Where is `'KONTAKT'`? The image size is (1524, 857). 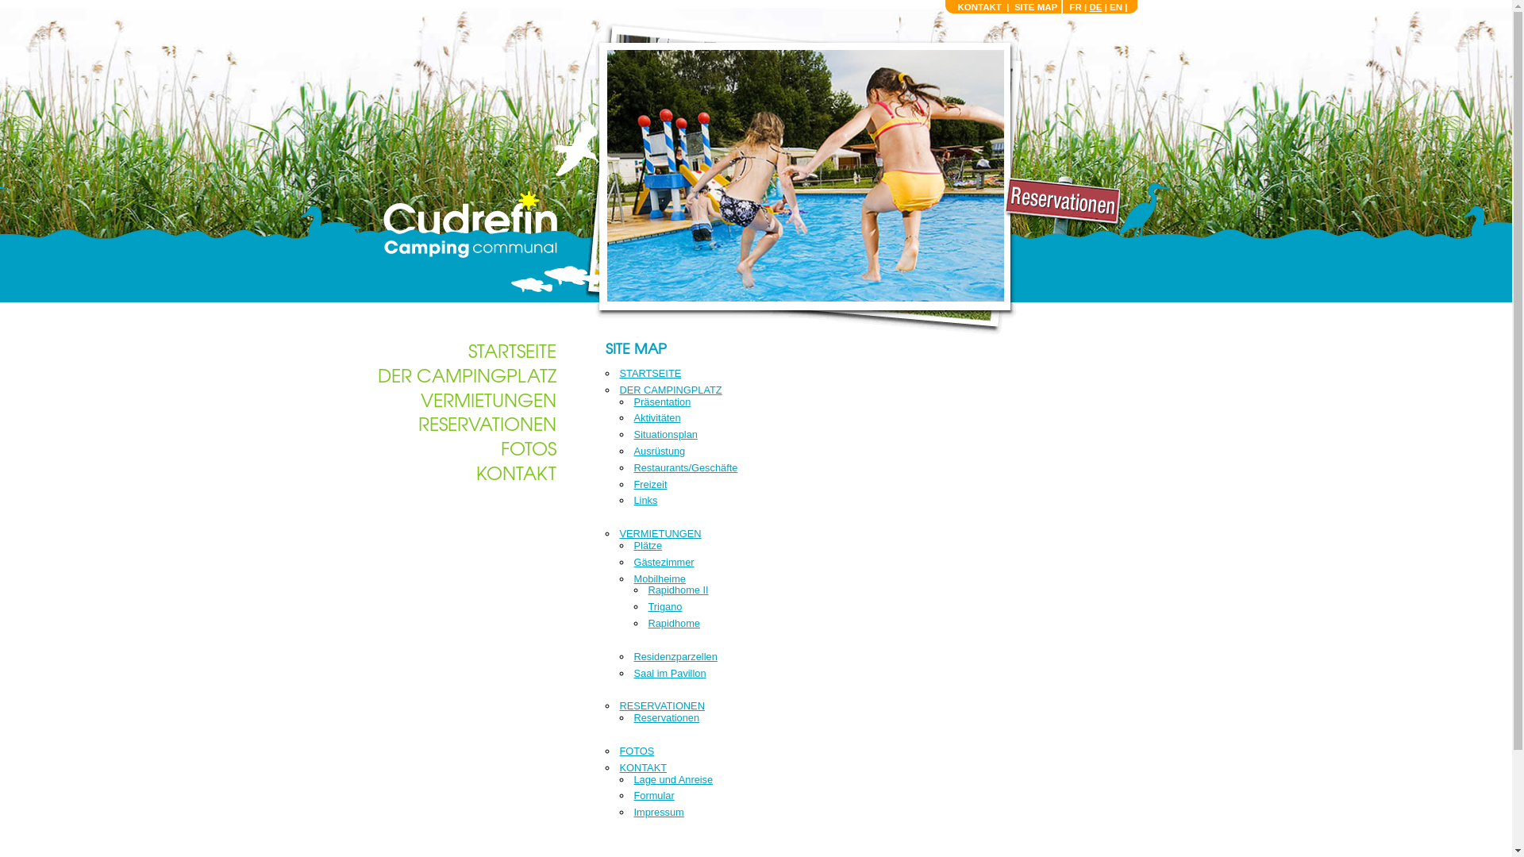
'KONTAKT' is located at coordinates (978, 6).